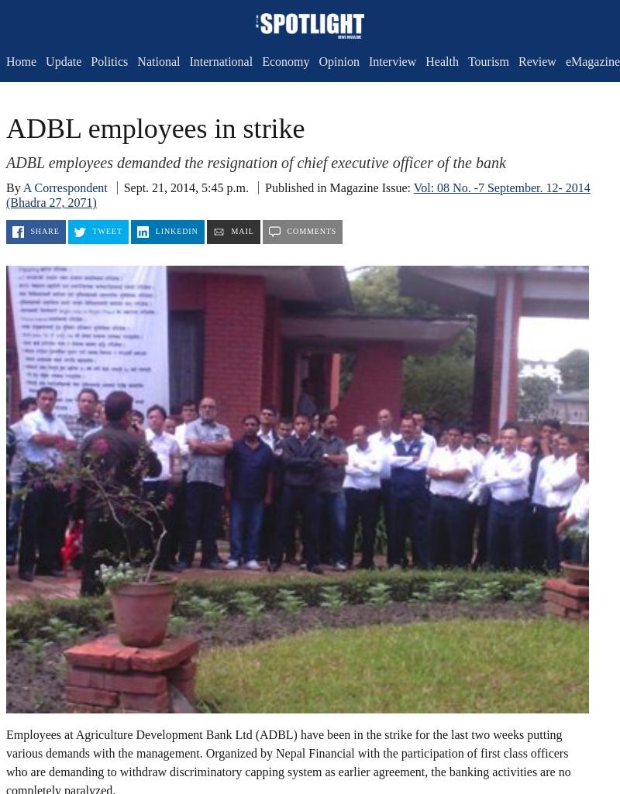 This screenshot has width=620, height=794. I want to click on 'Health', so click(425, 60).